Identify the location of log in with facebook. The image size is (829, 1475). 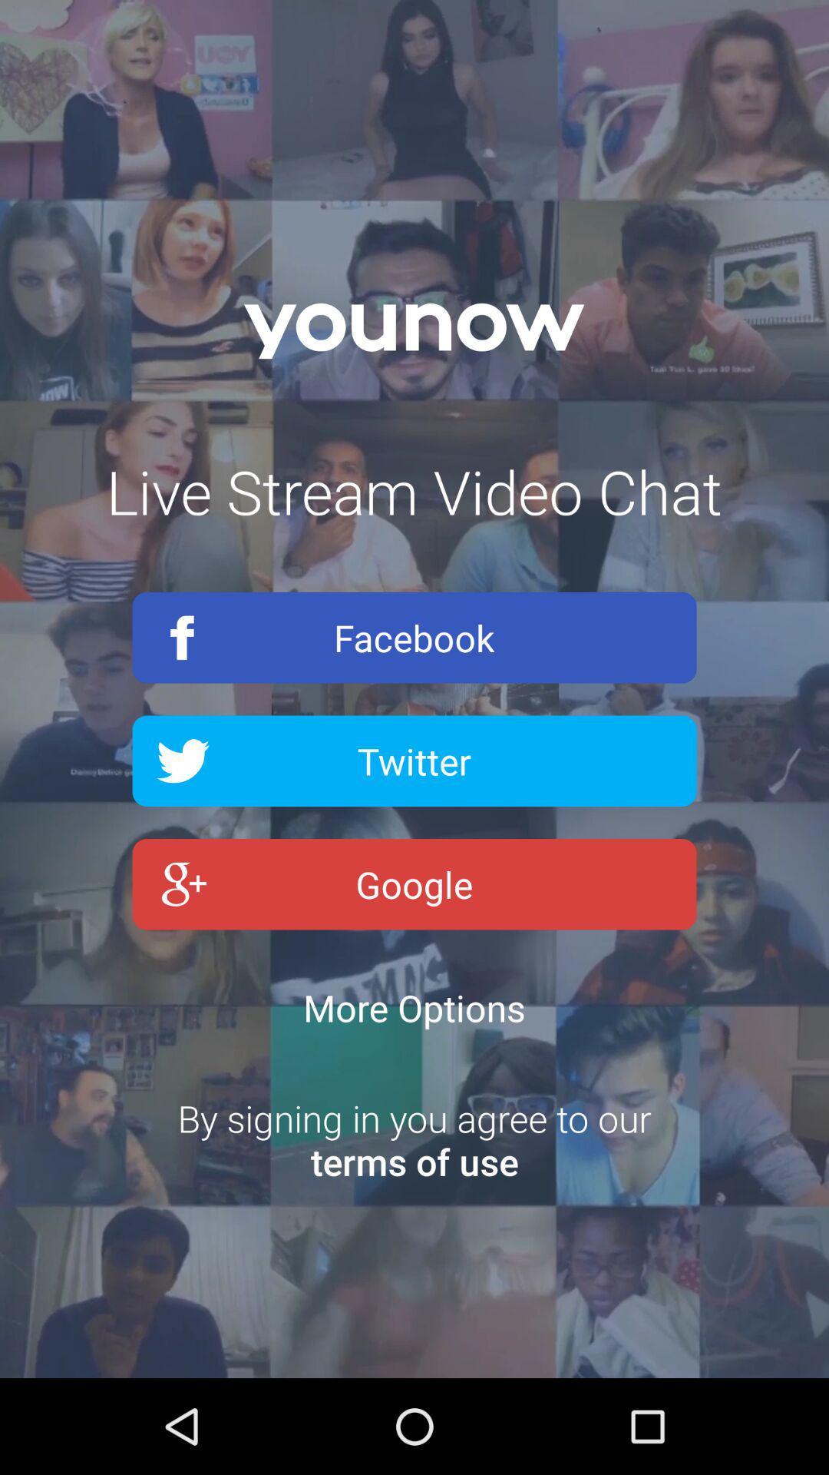
(414, 638).